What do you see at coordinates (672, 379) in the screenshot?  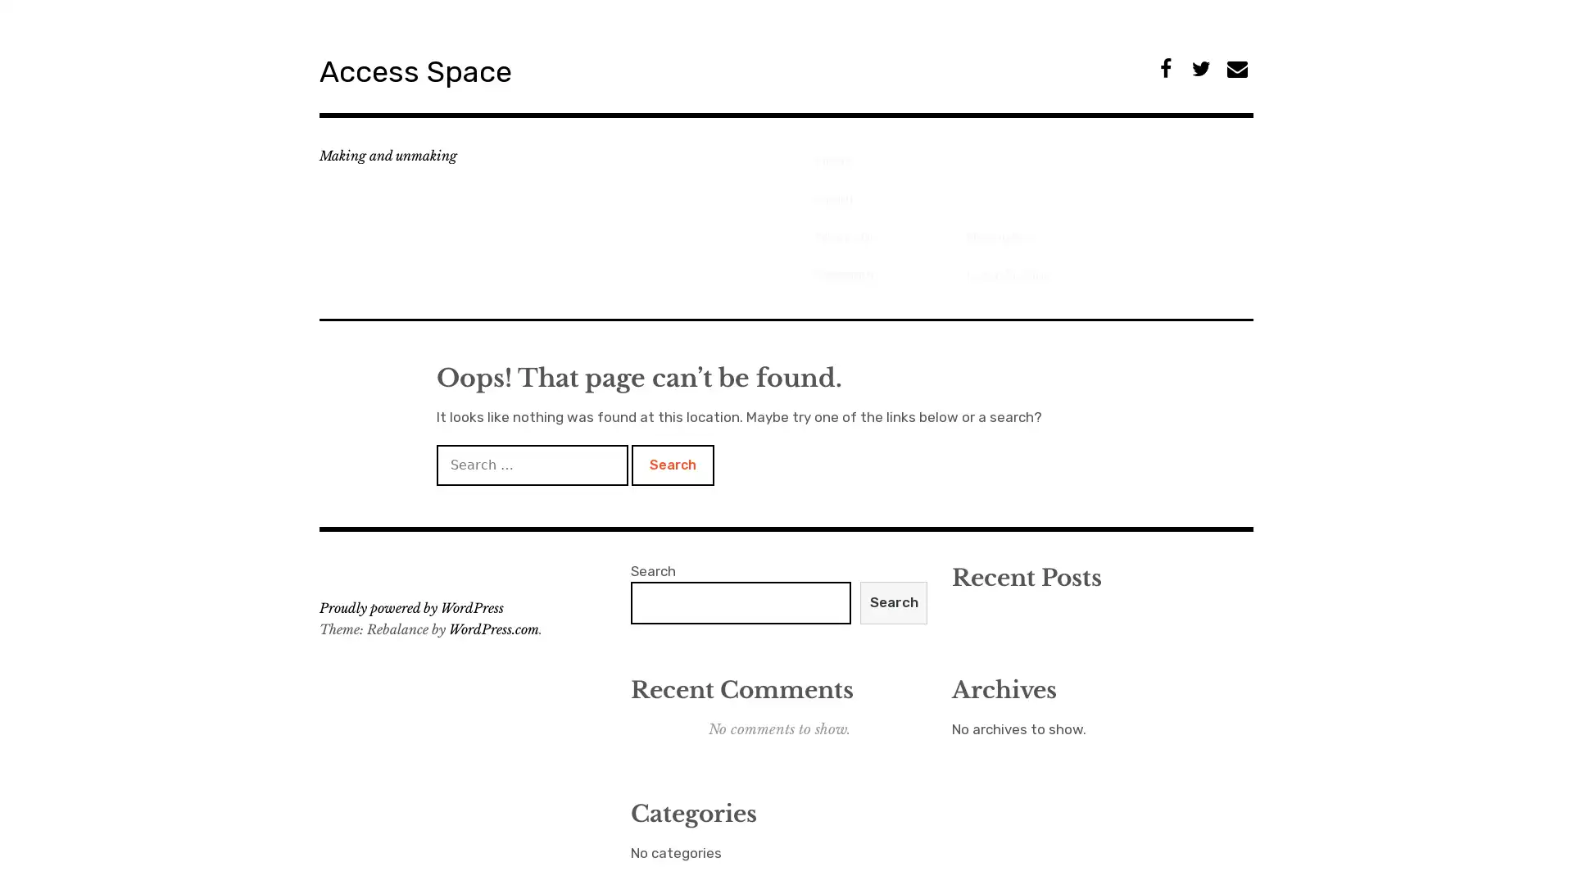 I see `Search` at bounding box center [672, 379].